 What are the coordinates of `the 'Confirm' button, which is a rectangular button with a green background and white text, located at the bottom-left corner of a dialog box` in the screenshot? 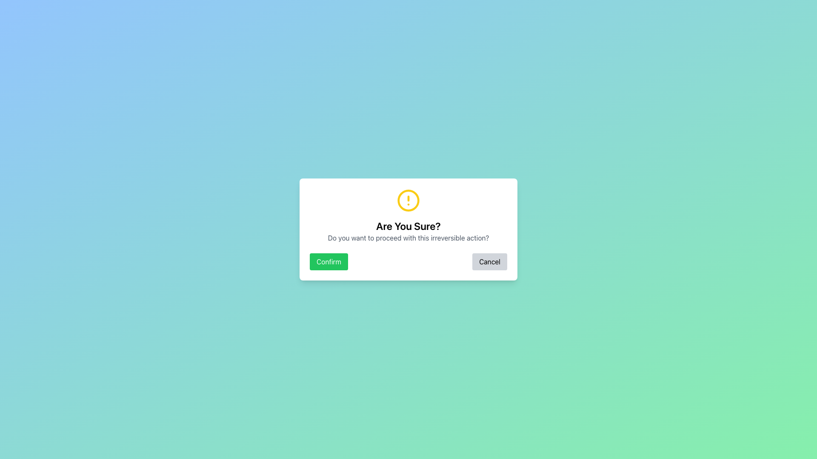 It's located at (328, 261).